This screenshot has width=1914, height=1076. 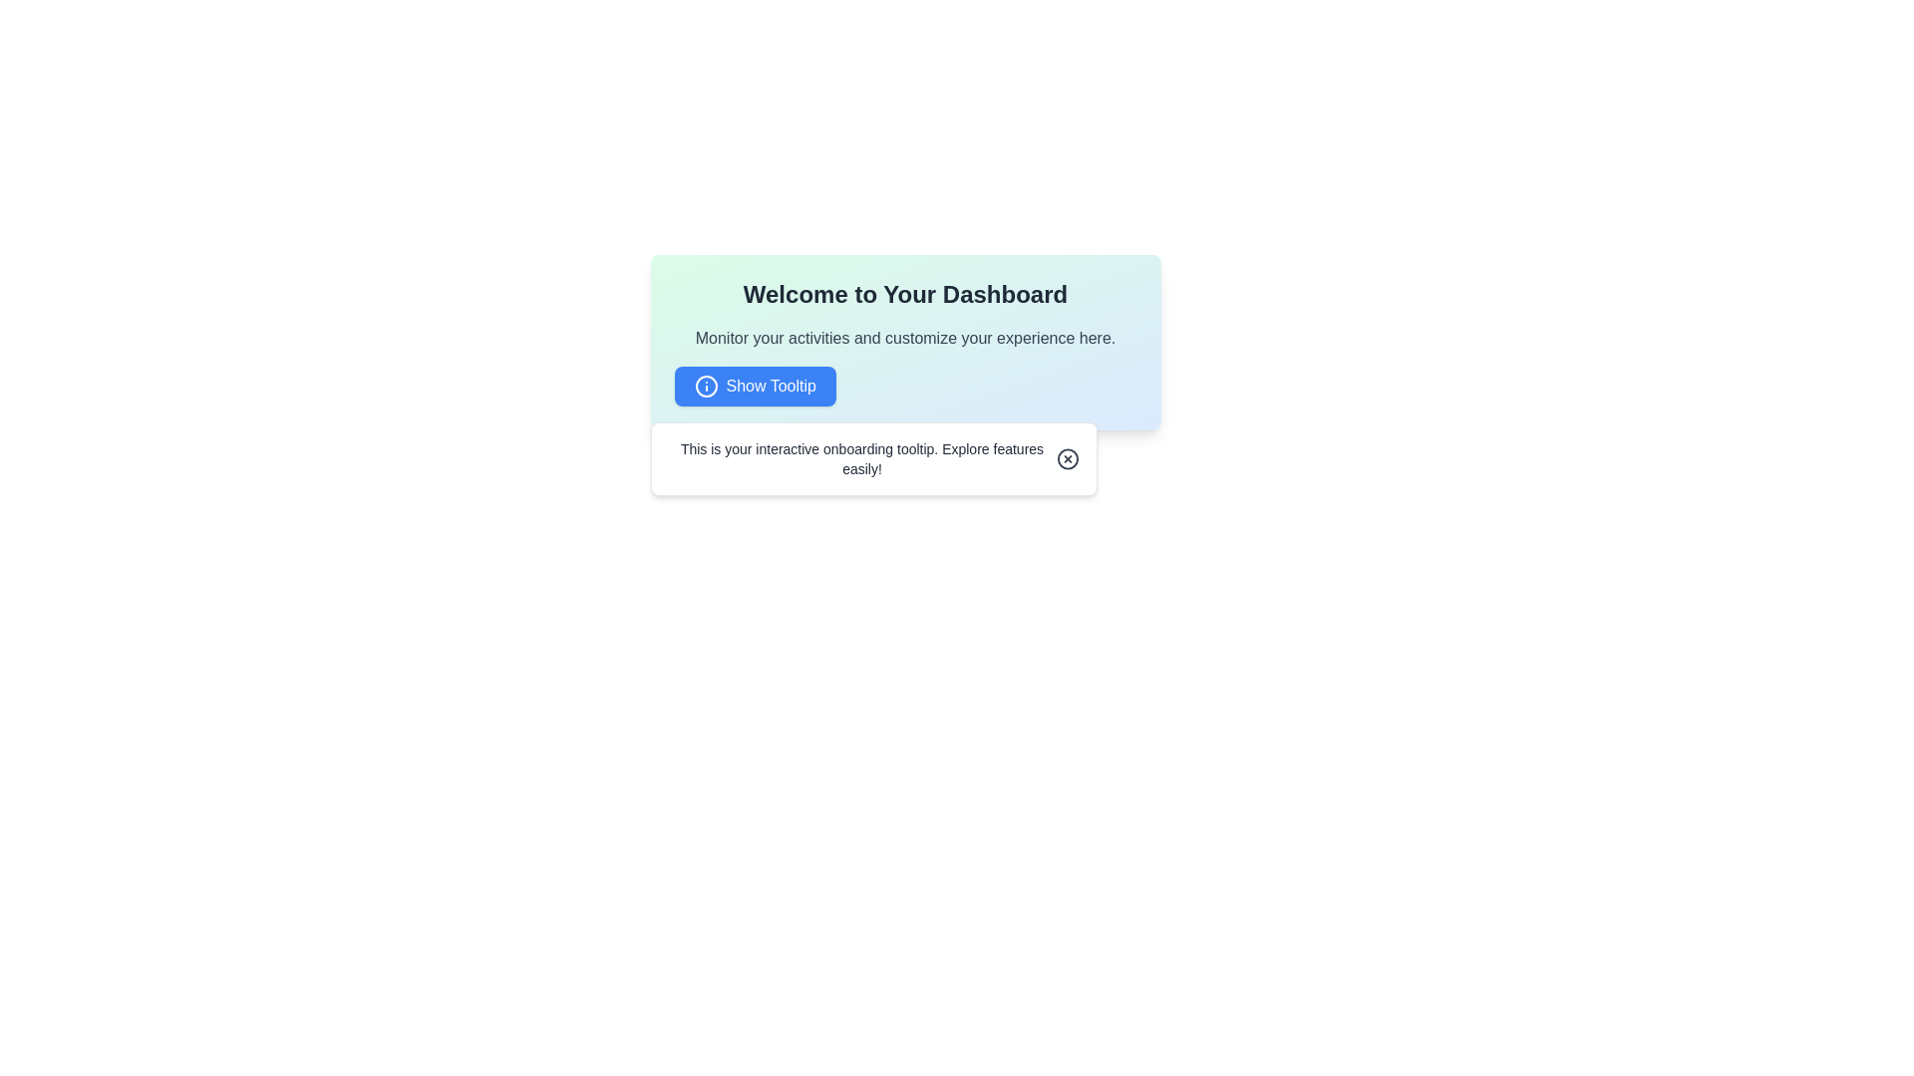 What do you see at coordinates (861, 459) in the screenshot?
I see `text content in the tooltip that says 'This is your interactive onboarding tooltip. Explore features easily!'` at bounding box center [861, 459].